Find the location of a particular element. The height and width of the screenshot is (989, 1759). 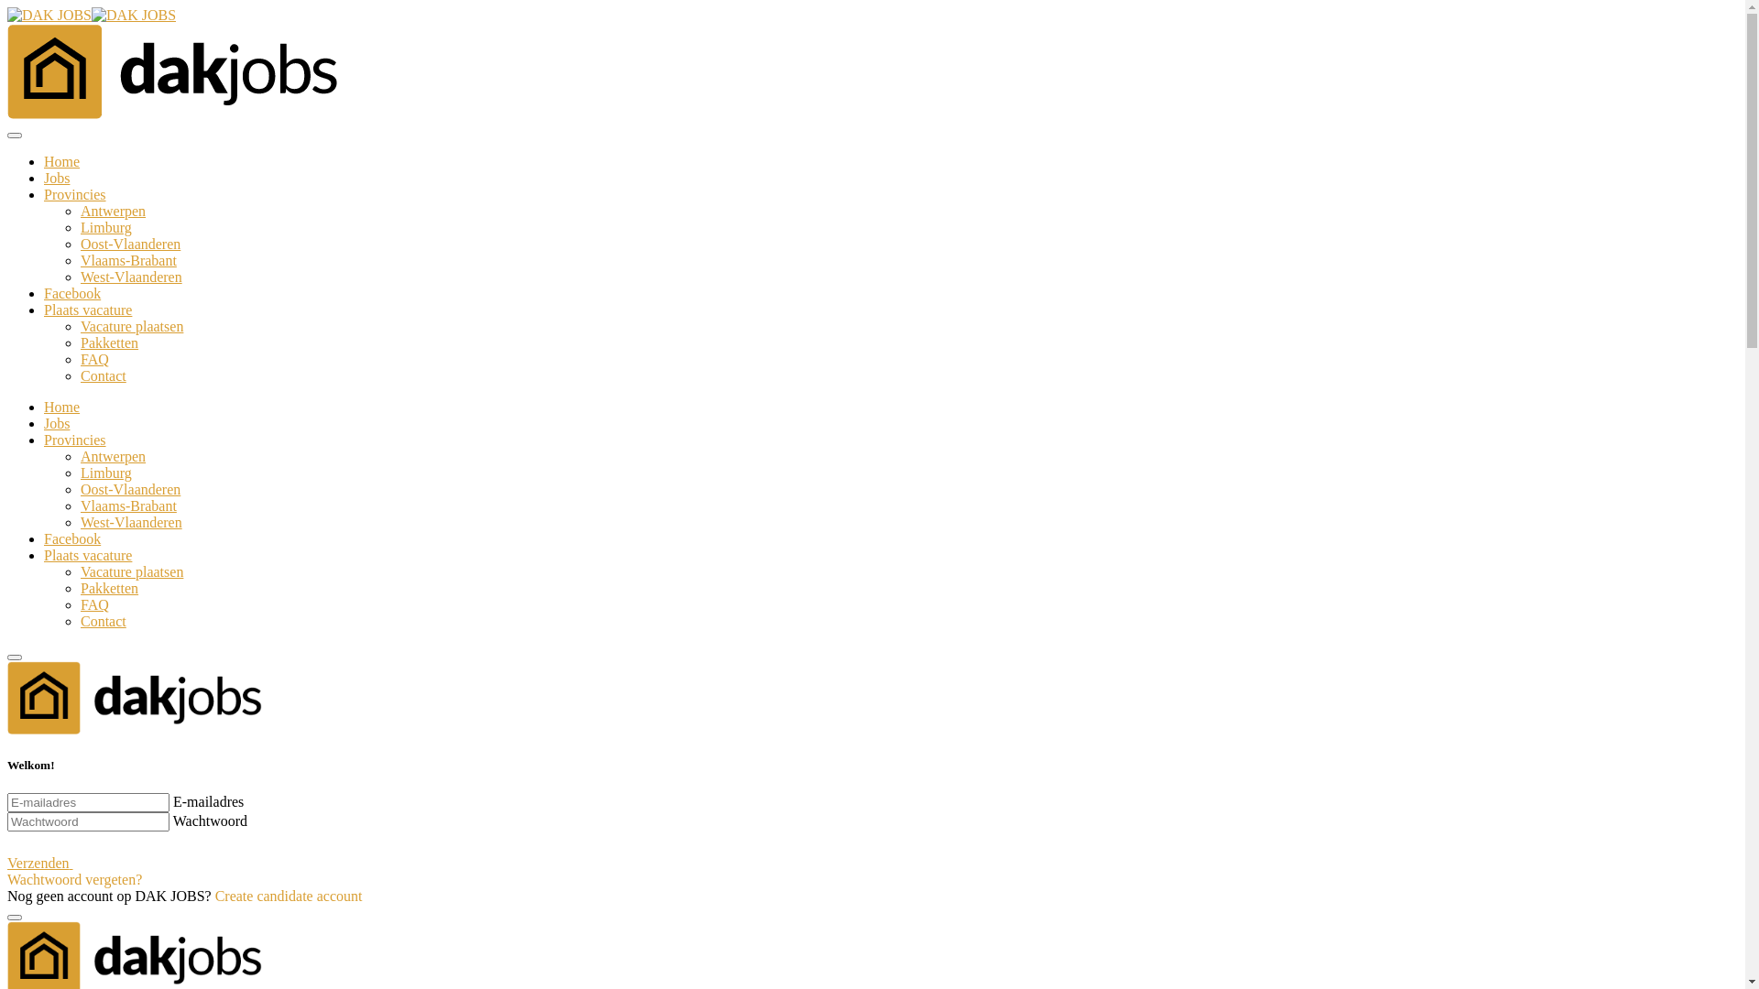

'Oost-Vlaanderen' is located at coordinates (129, 243).